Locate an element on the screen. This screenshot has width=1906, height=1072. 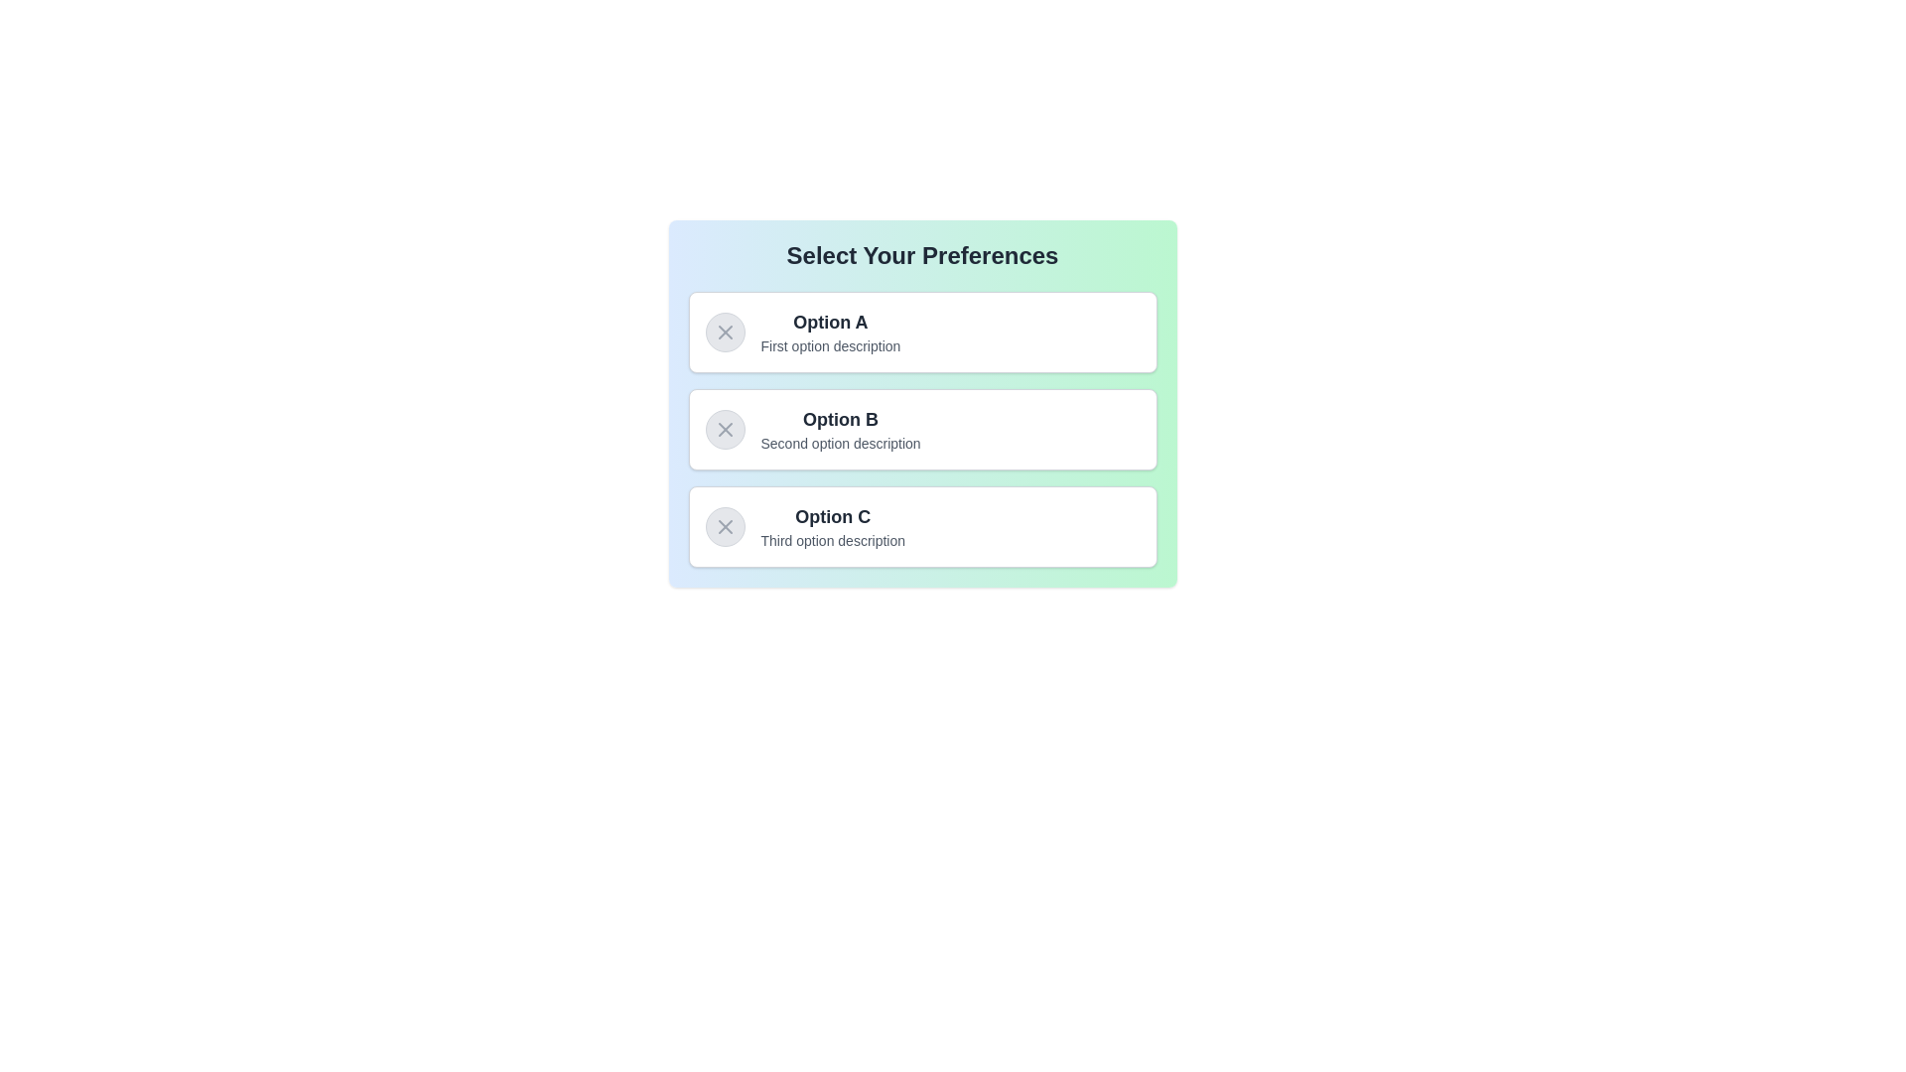
the circular button with a light gray background and an 'X' icon to deselect the option in the 'Option A' row is located at coordinates (724, 332).